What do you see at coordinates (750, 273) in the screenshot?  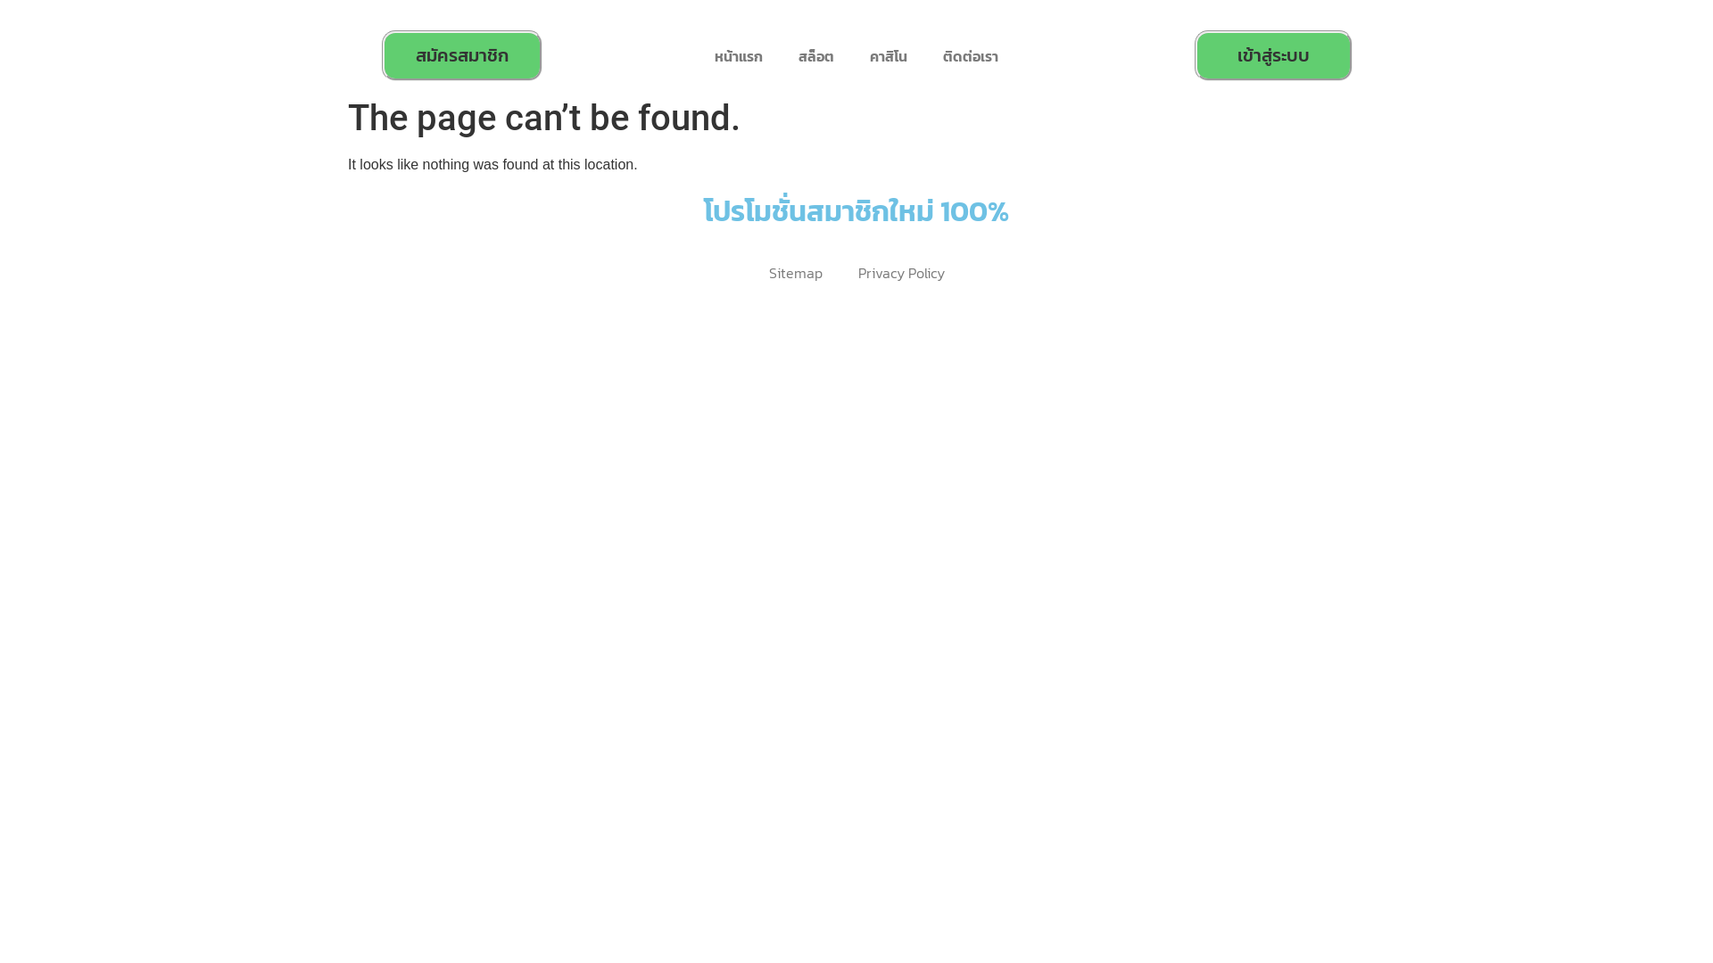 I see `'Sitemap'` at bounding box center [750, 273].